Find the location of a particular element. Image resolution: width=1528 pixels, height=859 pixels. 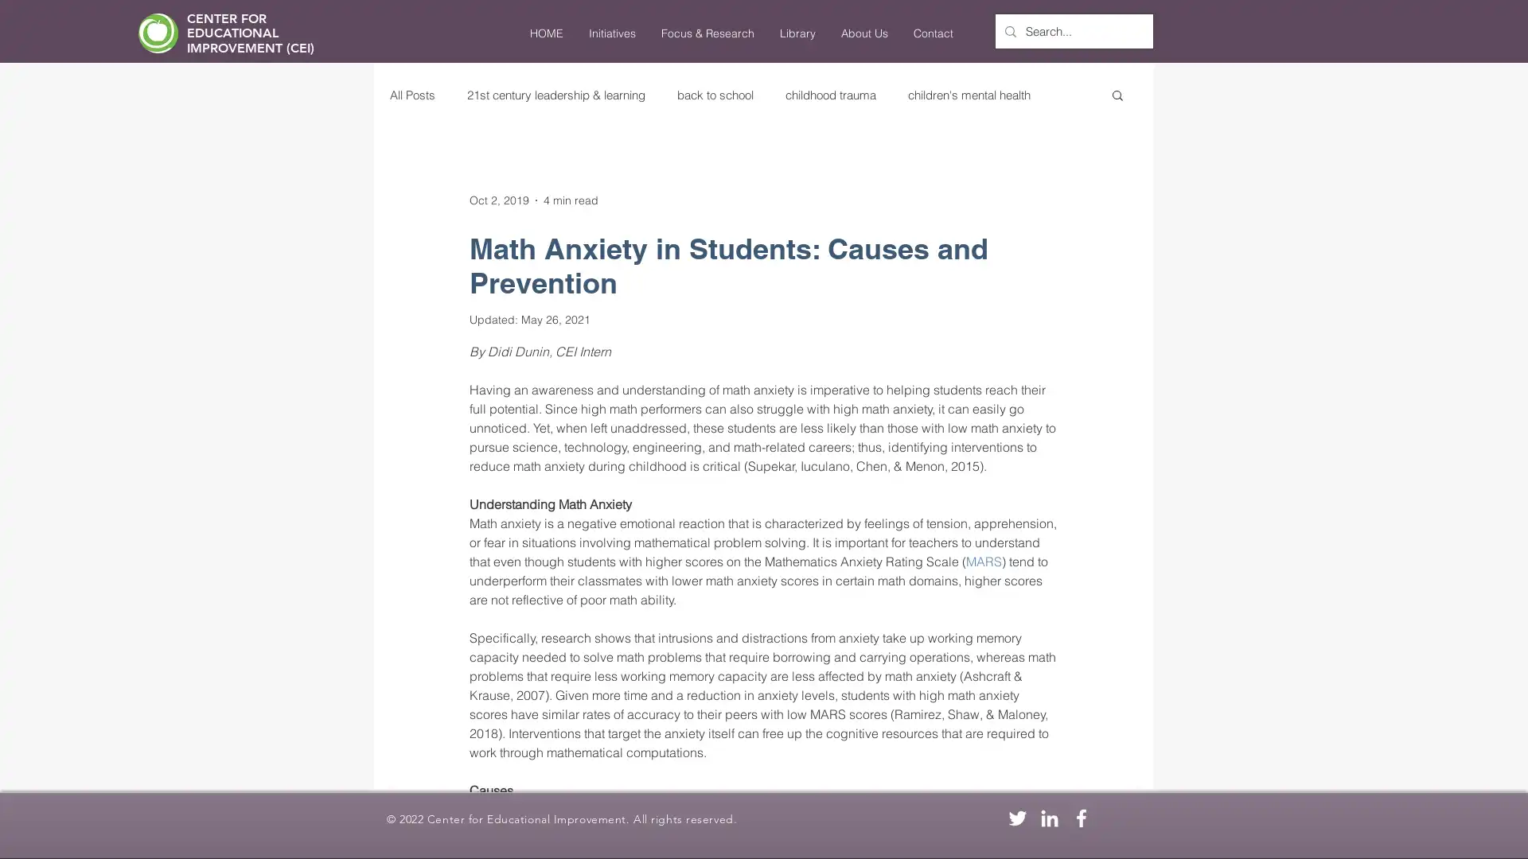

All Posts is located at coordinates (412, 94).